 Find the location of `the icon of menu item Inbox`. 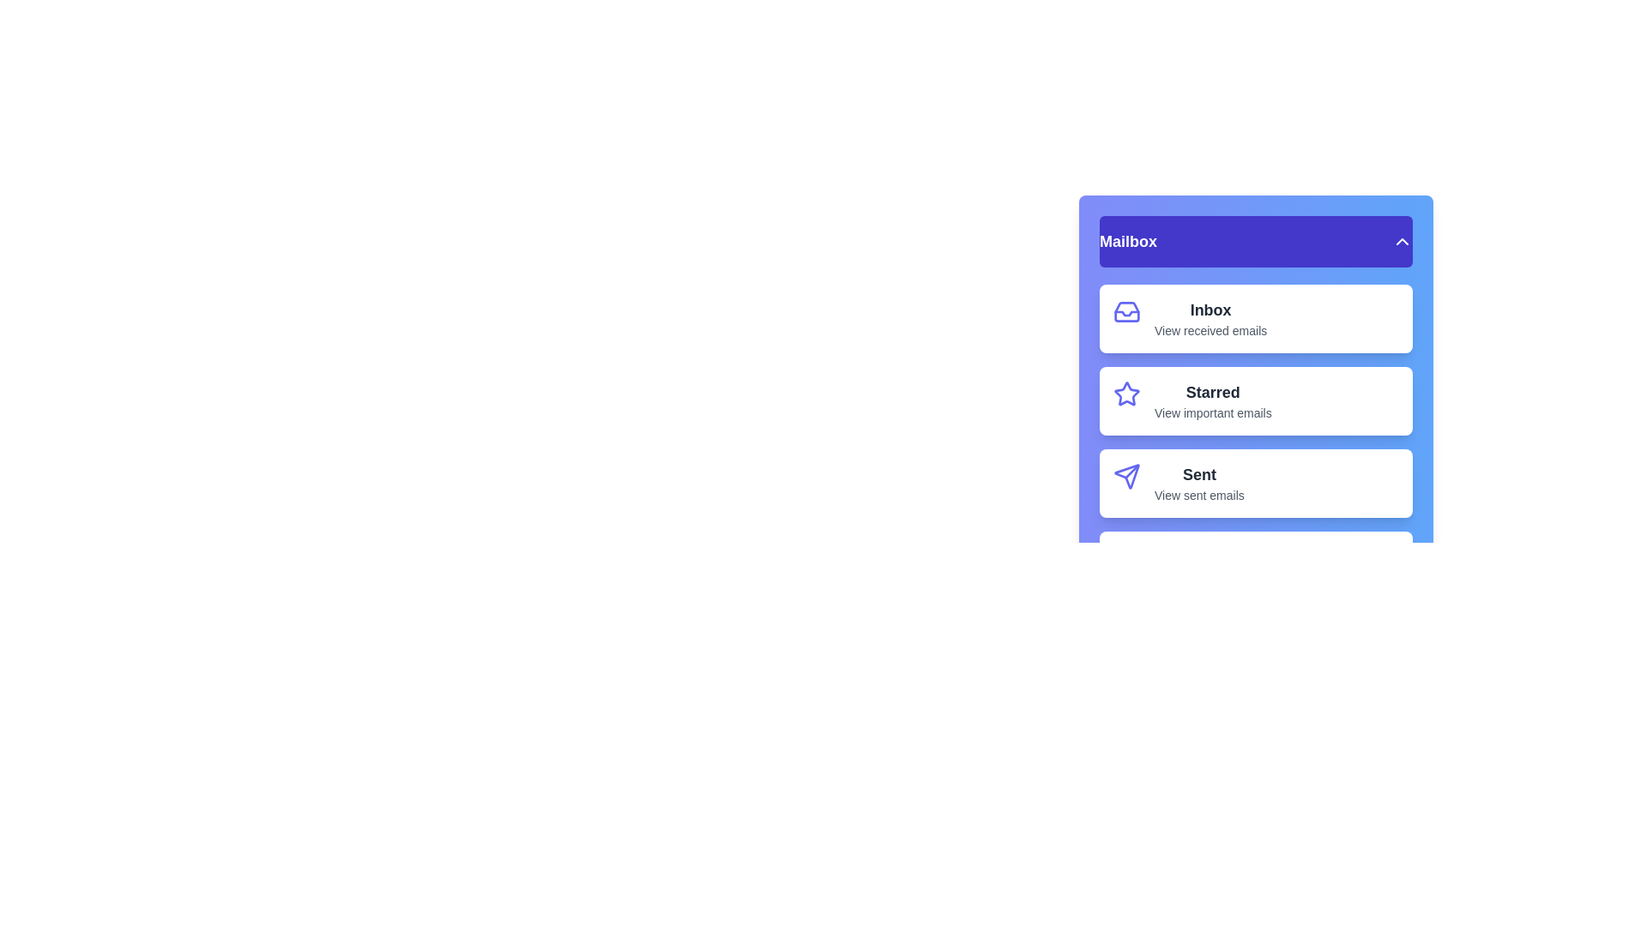

the icon of menu item Inbox is located at coordinates (1127, 311).